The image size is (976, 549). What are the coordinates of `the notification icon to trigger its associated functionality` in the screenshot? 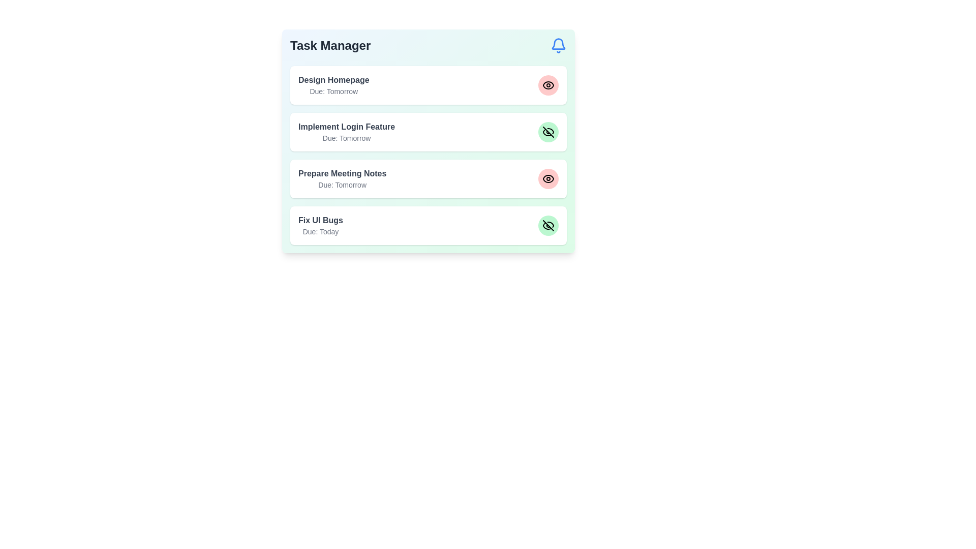 It's located at (558, 45).